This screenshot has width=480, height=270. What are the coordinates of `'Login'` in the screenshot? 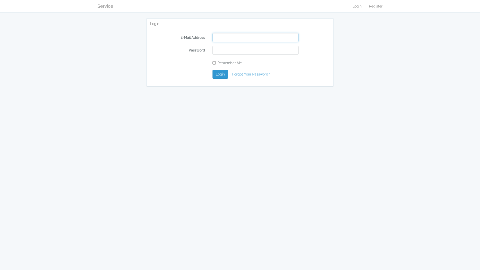 It's located at (357, 6).